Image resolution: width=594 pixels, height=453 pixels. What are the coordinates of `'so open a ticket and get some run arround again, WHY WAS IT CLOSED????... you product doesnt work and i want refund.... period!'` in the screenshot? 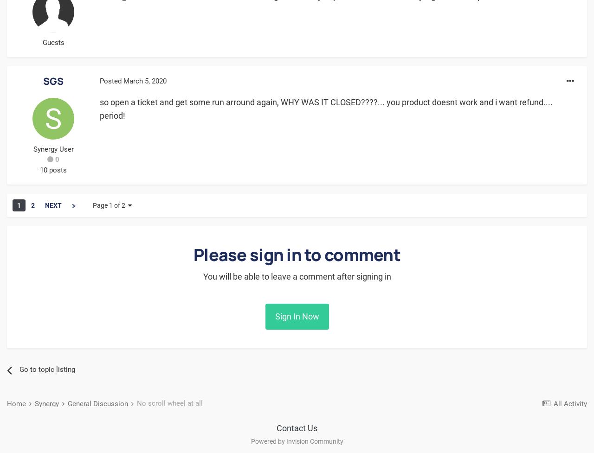 It's located at (326, 108).